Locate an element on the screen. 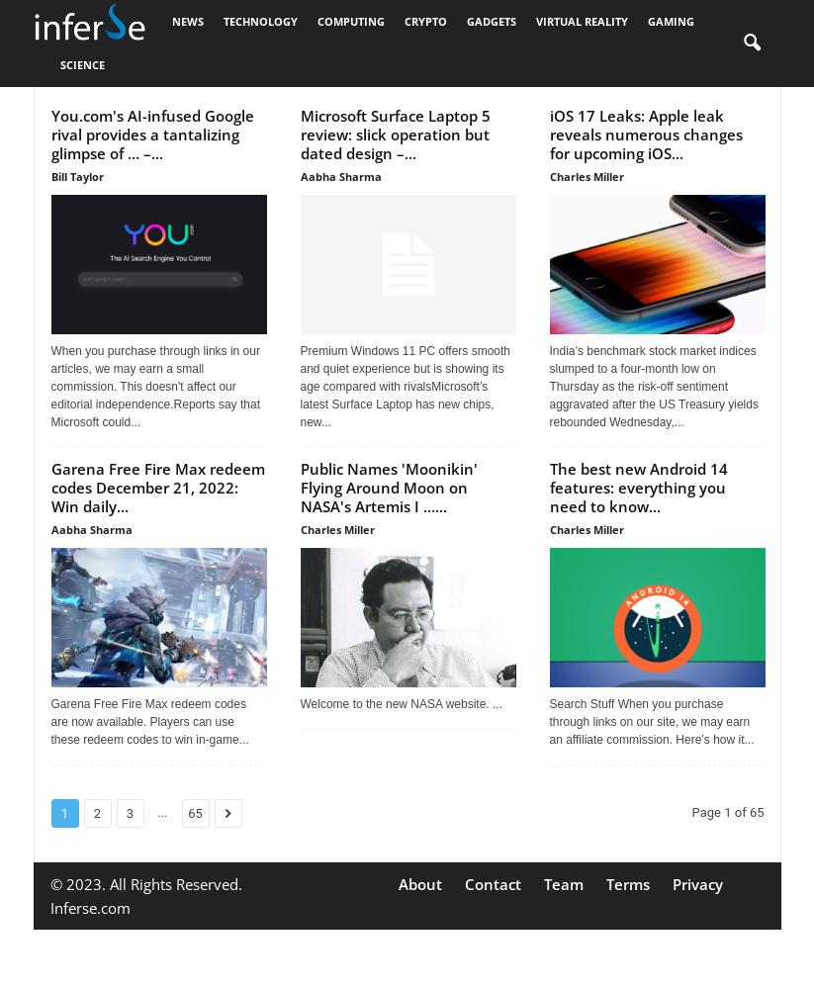  'Terms' is located at coordinates (603, 884).